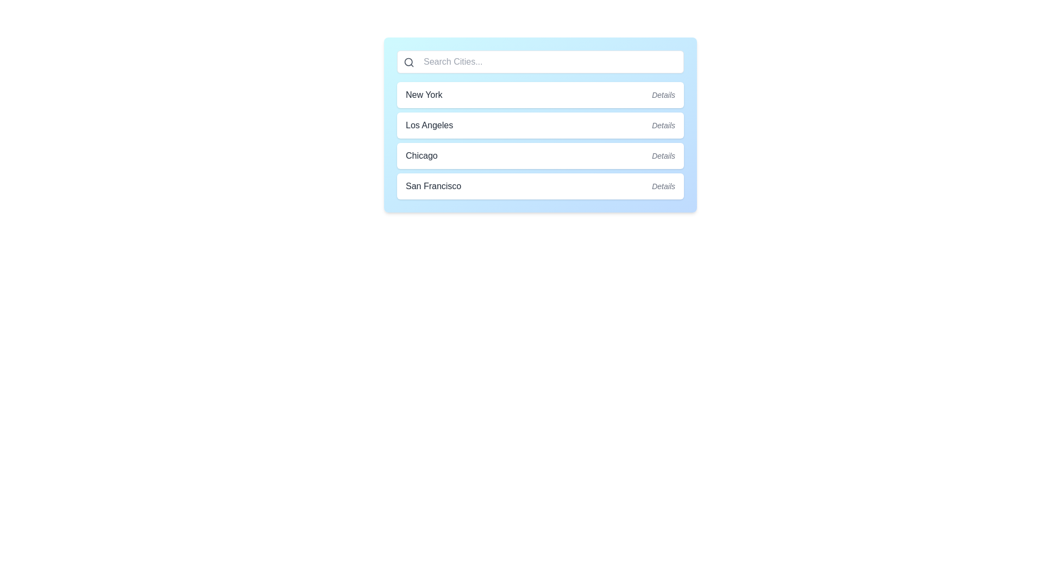 Image resolution: width=1043 pixels, height=587 pixels. Describe the element at coordinates (540, 124) in the screenshot. I see `the second row list item for 'Los Angeles'` at that location.